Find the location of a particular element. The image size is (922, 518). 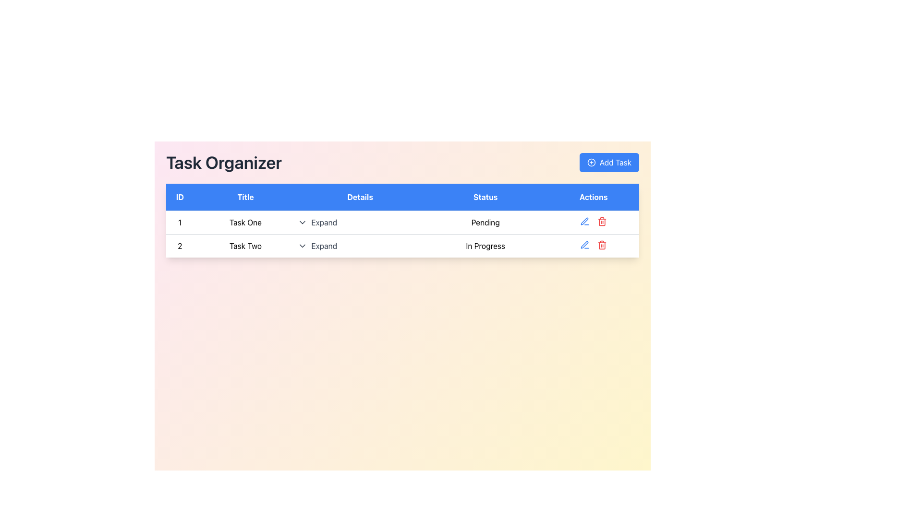

the 'Add Task' button which contains a circular icon with a plus (+) symbol on its left side is located at coordinates (591, 162).